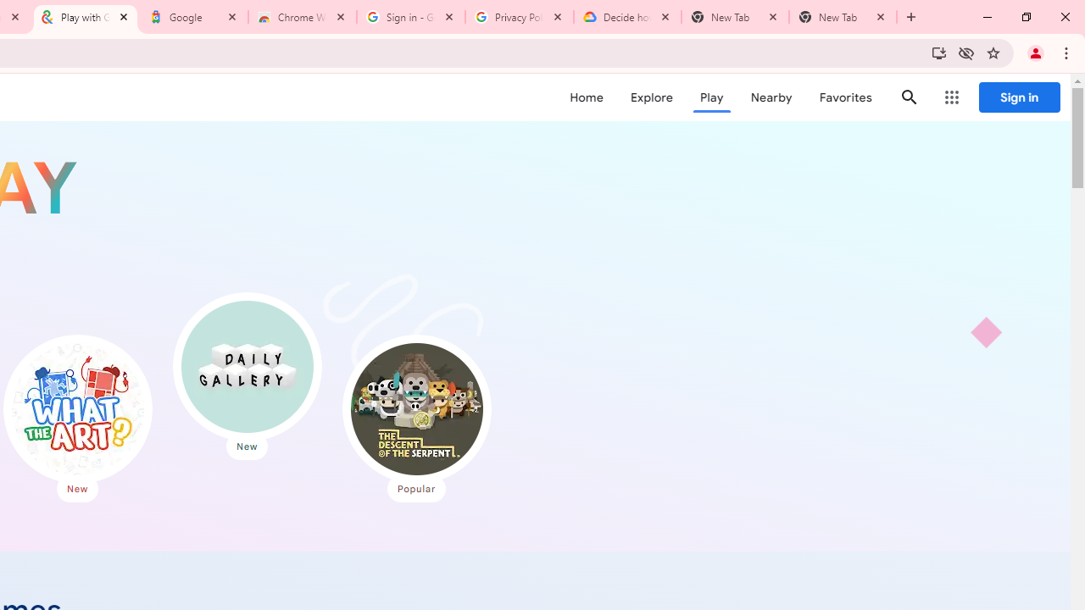 This screenshot has height=610, width=1085. Describe the element at coordinates (845, 97) in the screenshot. I see `'Favorites'` at that location.